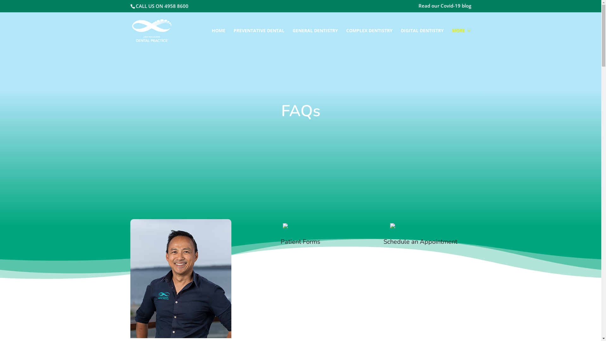  Describe the element at coordinates (300, 242) in the screenshot. I see `'Patient Forms'` at that location.